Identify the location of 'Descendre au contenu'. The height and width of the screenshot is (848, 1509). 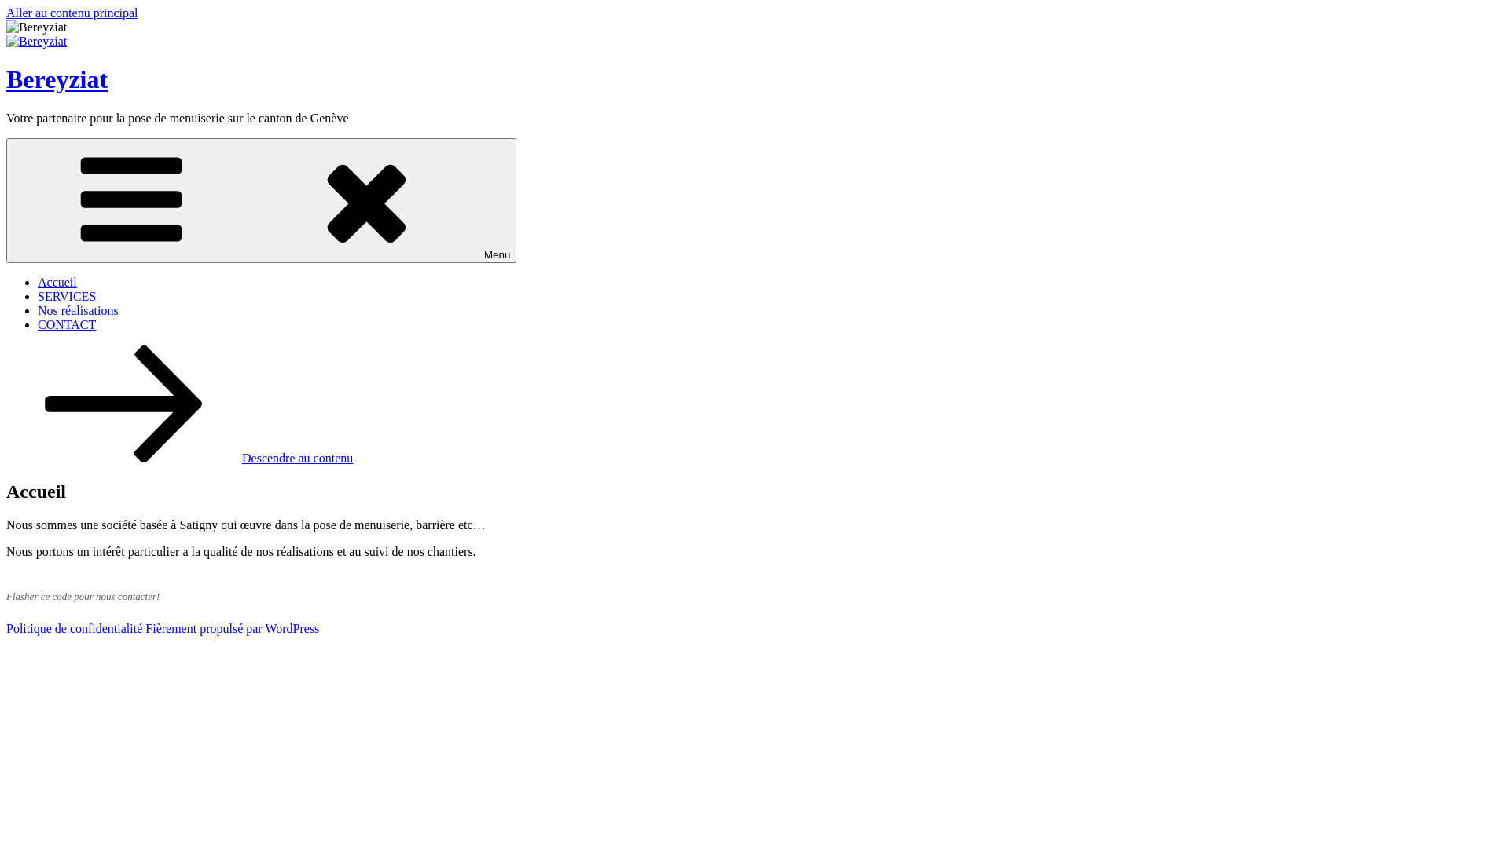
(6, 458).